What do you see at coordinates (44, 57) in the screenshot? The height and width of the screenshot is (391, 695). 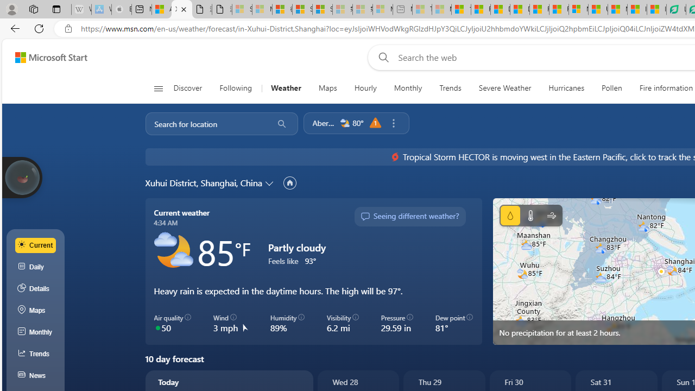 I see `'Skip to footer'` at bounding box center [44, 57].